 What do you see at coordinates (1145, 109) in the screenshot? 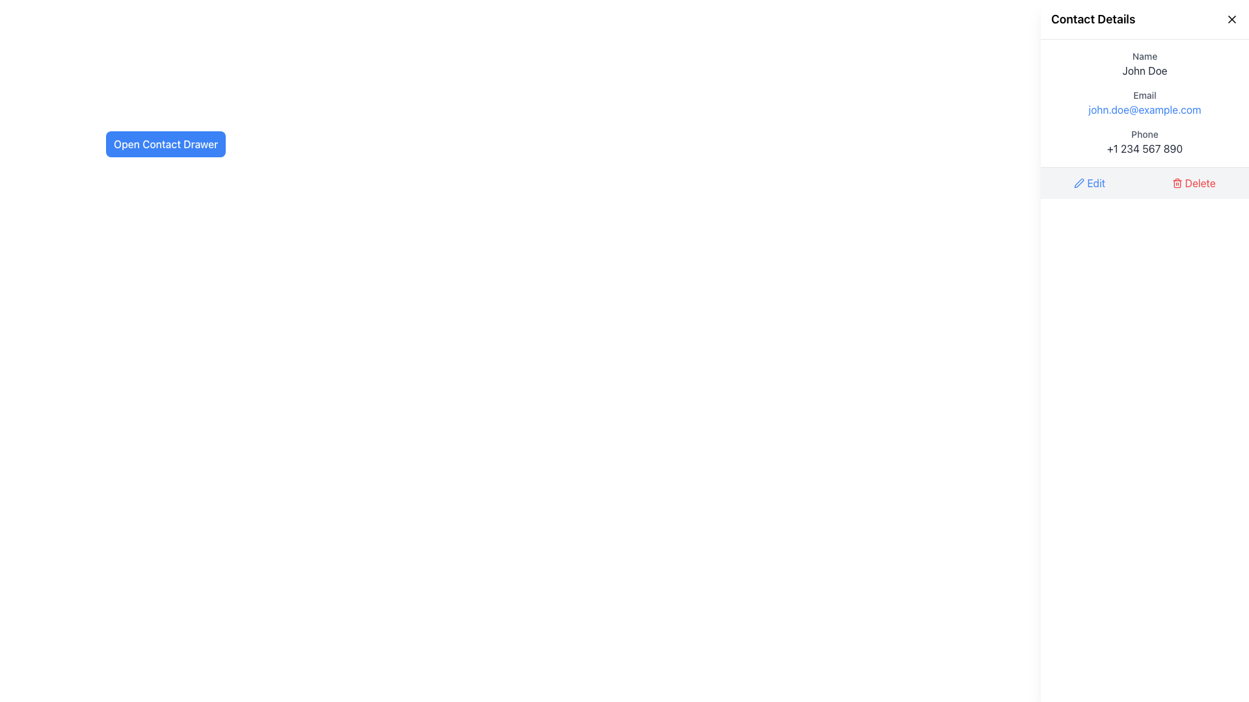
I see `the blue text link 'john.doe@example.com'` at bounding box center [1145, 109].